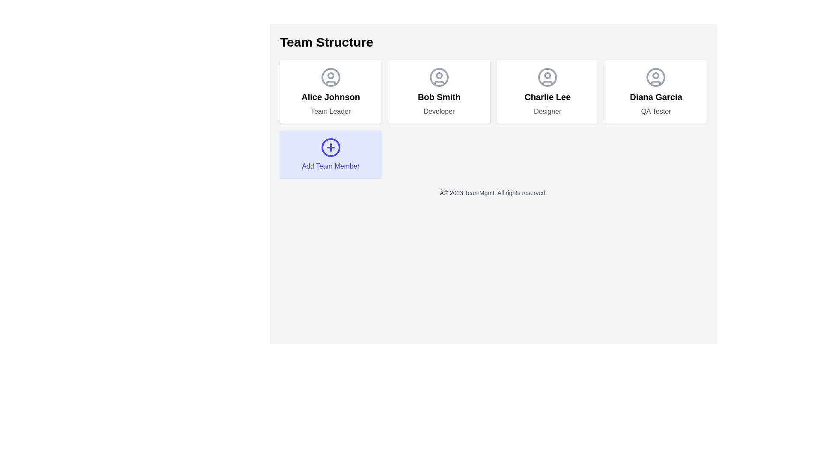  Describe the element at coordinates (547, 111) in the screenshot. I see `text label displaying 'Designer' located below 'Charlie Lee' in the third card of the 'Team Structure' panel` at that location.